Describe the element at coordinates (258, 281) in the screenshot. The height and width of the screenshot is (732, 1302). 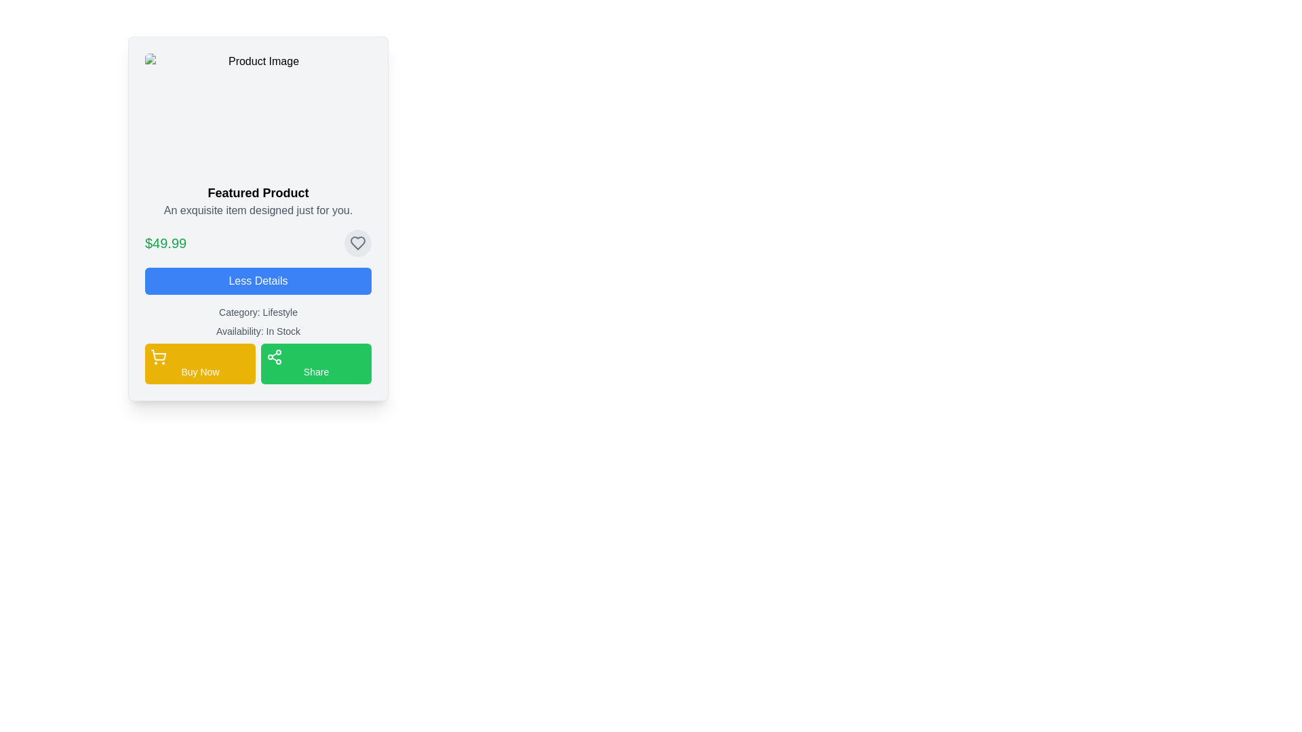
I see `the button located below the price and to the left of the description section` at that location.